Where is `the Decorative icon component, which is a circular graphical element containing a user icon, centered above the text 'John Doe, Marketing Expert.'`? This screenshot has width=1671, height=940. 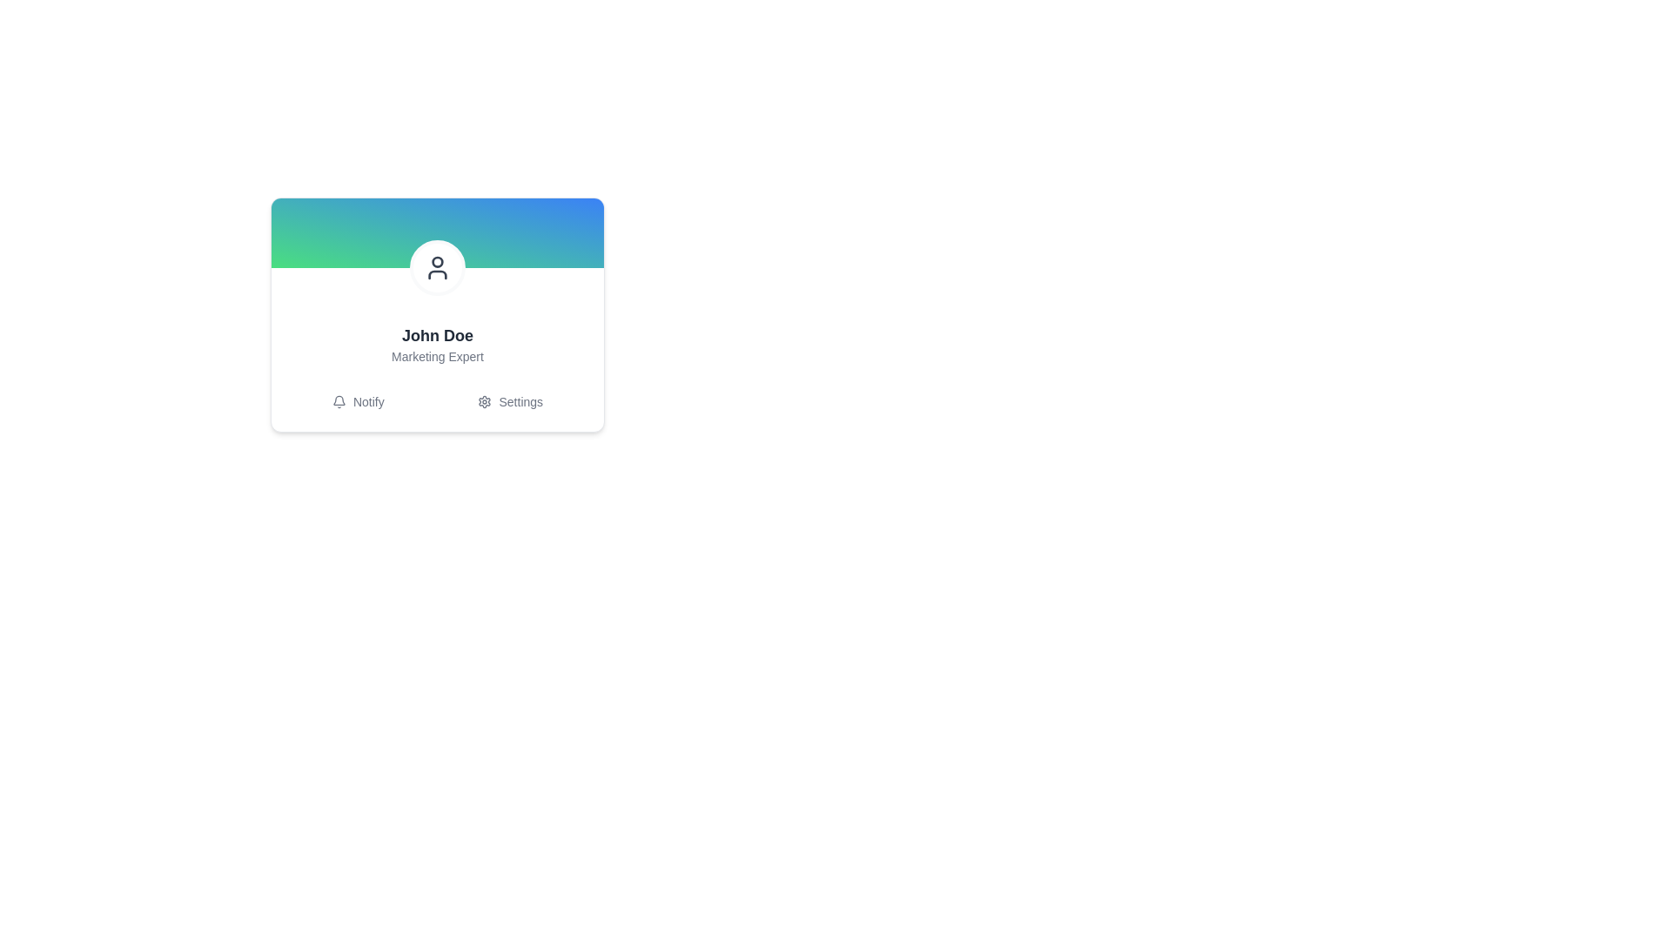
the Decorative icon component, which is a circular graphical element containing a user icon, centered above the text 'John Doe, Marketing Expert.' is located at coordinates (438, 268).